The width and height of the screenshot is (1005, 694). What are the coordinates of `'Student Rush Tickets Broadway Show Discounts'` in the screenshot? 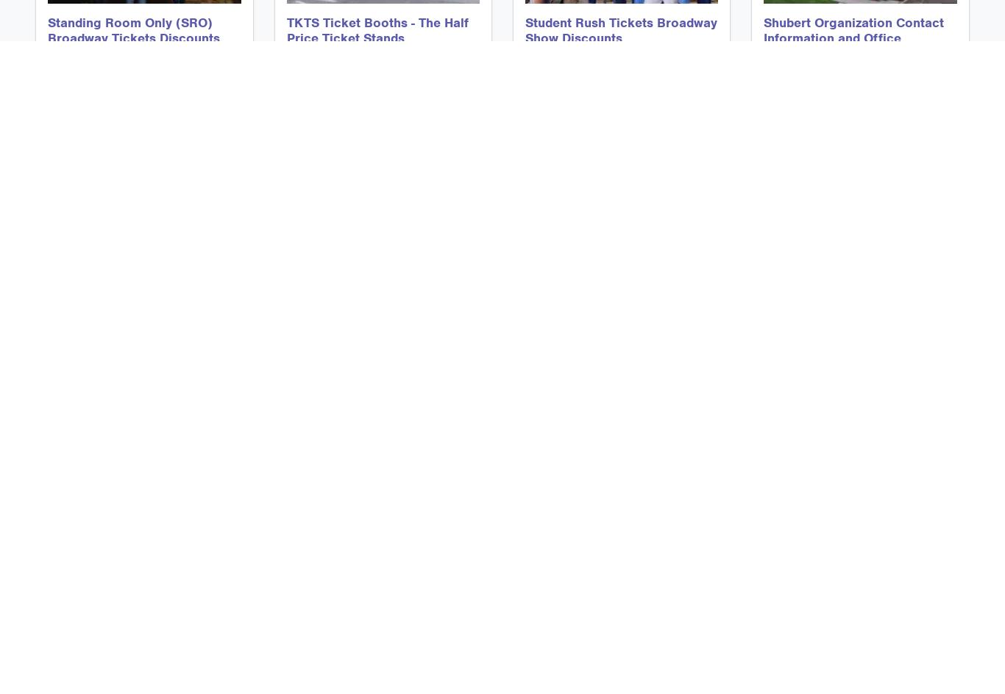 It's located at (620, 29).